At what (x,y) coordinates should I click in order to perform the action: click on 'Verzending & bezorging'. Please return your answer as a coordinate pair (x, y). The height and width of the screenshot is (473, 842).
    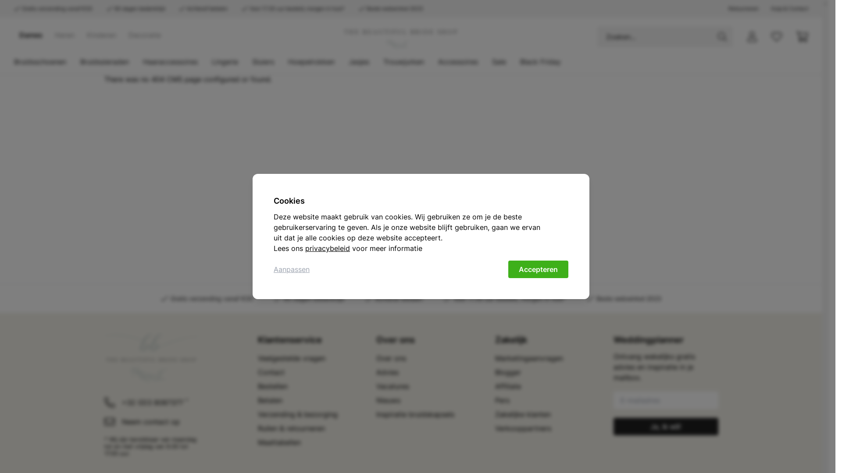
    Looking at the image, I should click on (297, 414).